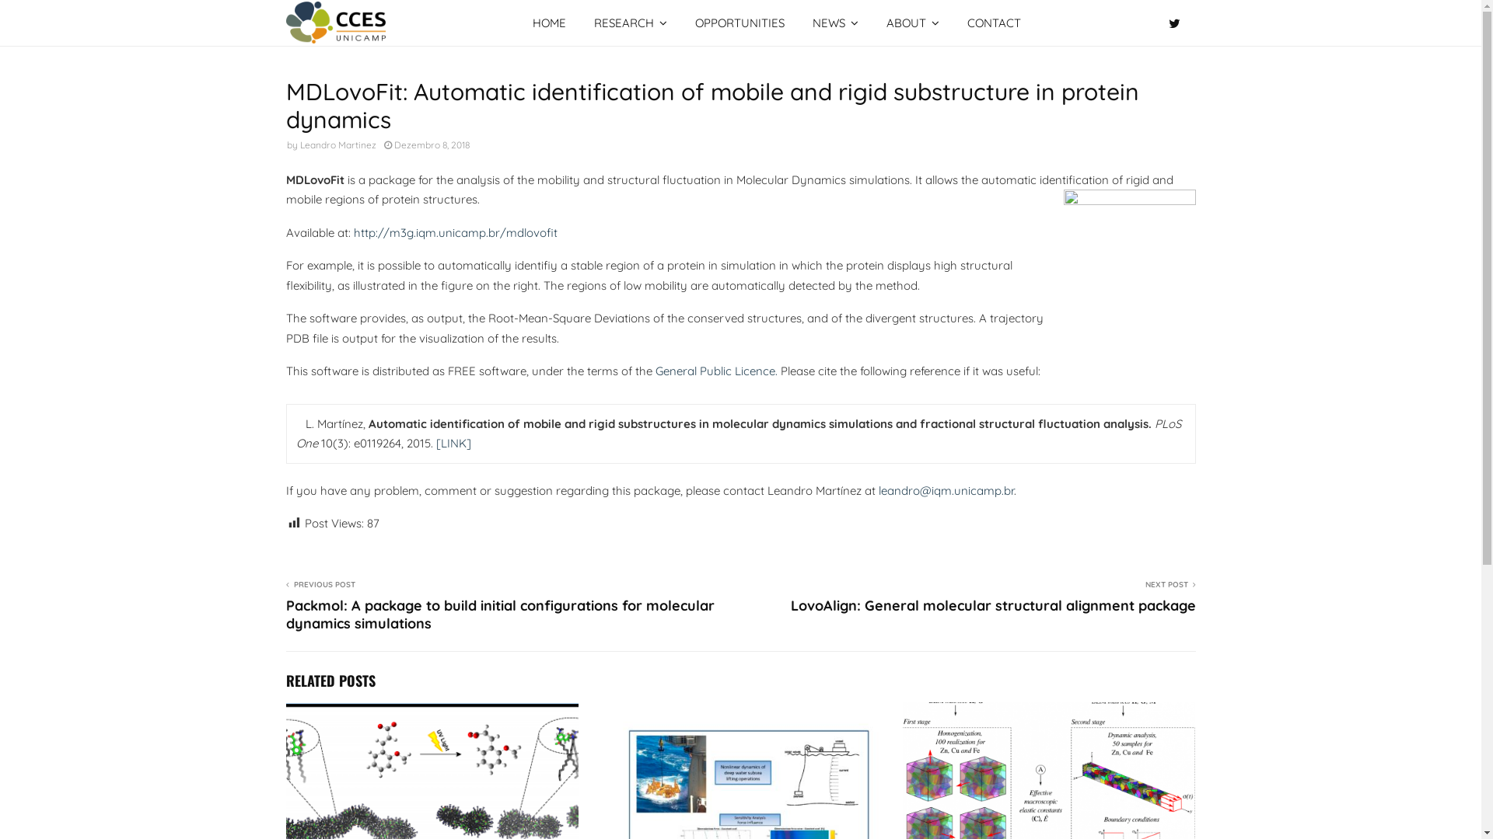 The image size is (1493, 839). I want to click on 'Twitter', so click(1177, 23).